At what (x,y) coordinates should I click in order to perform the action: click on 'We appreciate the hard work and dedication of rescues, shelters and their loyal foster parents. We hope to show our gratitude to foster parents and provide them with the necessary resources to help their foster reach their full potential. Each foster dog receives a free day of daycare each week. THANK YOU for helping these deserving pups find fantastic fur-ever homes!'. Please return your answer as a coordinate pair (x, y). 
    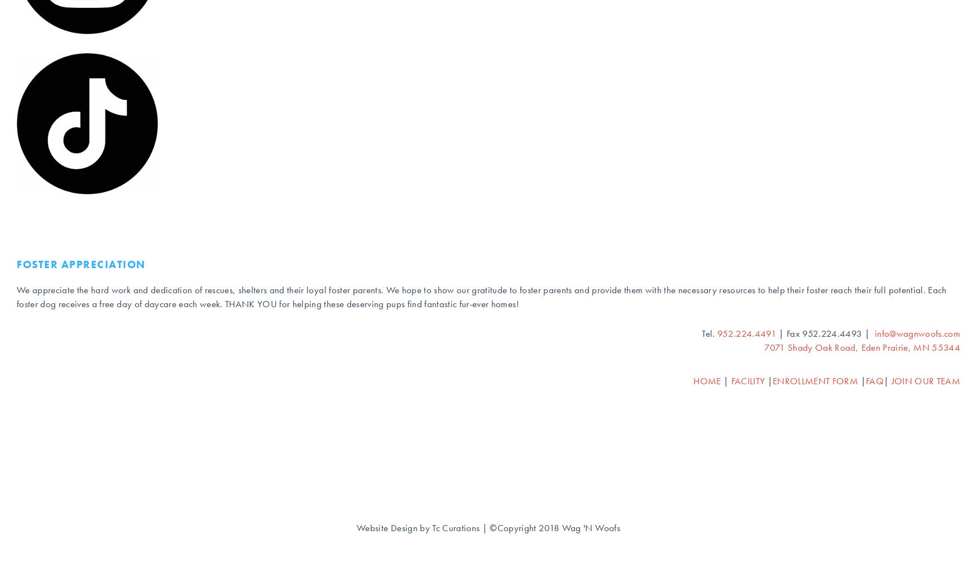
    Looking at the image, I should click on (16, 296).